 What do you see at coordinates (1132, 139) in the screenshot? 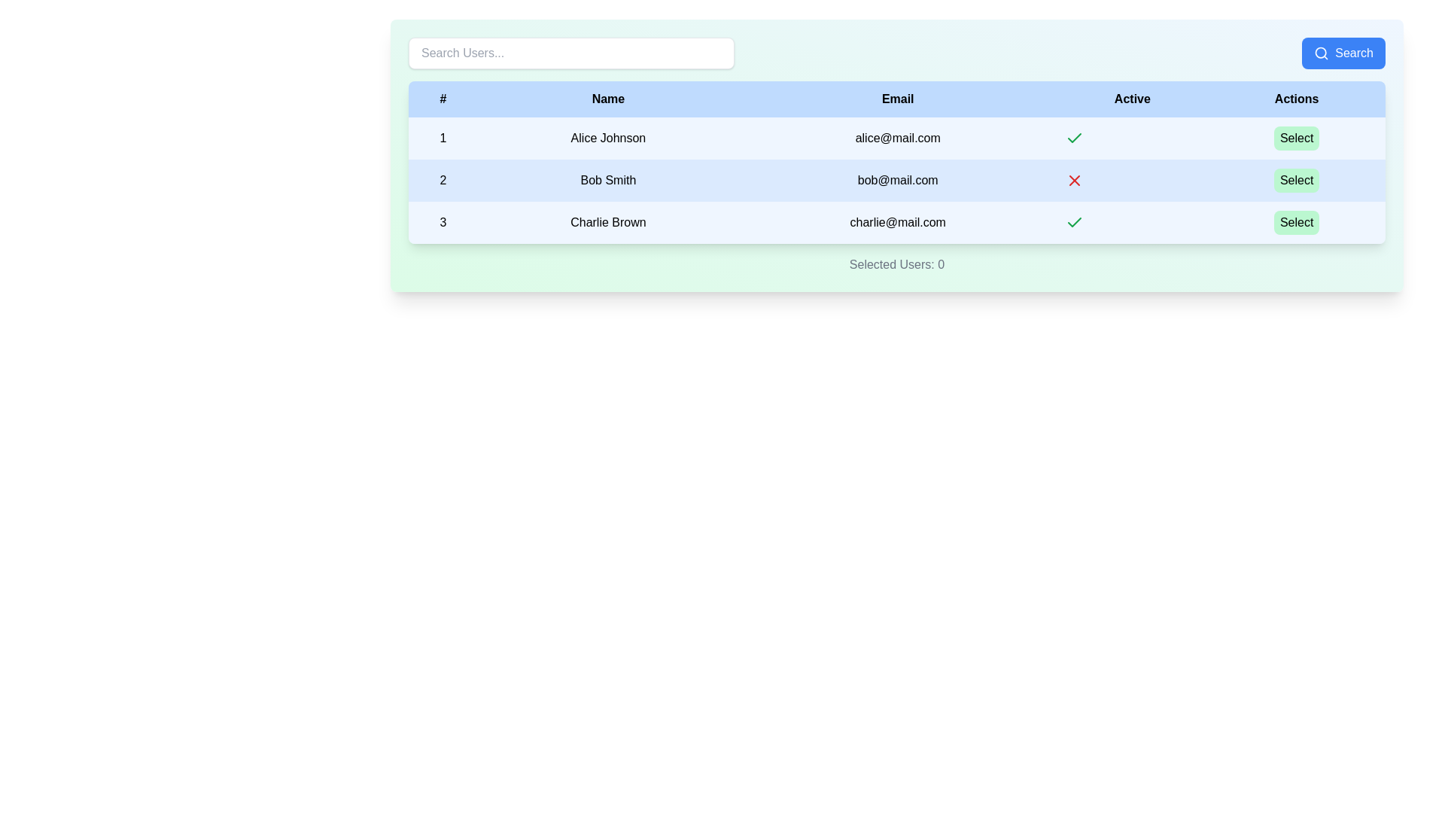
I see `the active status icon for user Alice Johnson, which is a green checkmark located in the 'Active' column of the user table` at bounding box center [1132, 139].